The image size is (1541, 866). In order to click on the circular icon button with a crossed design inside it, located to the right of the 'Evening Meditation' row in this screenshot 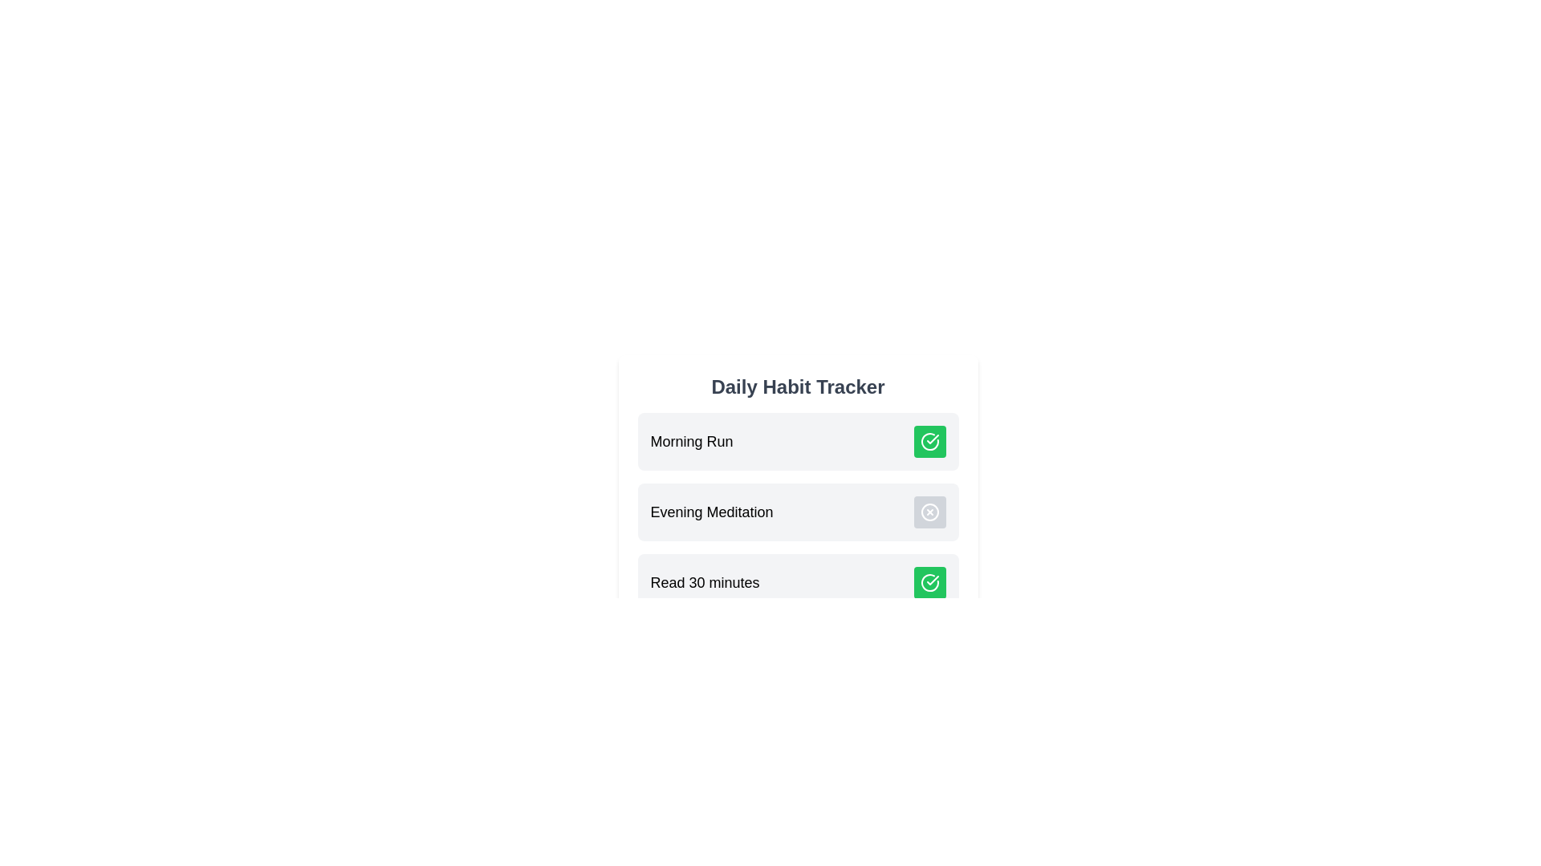, I will do `click(929, 512)`.